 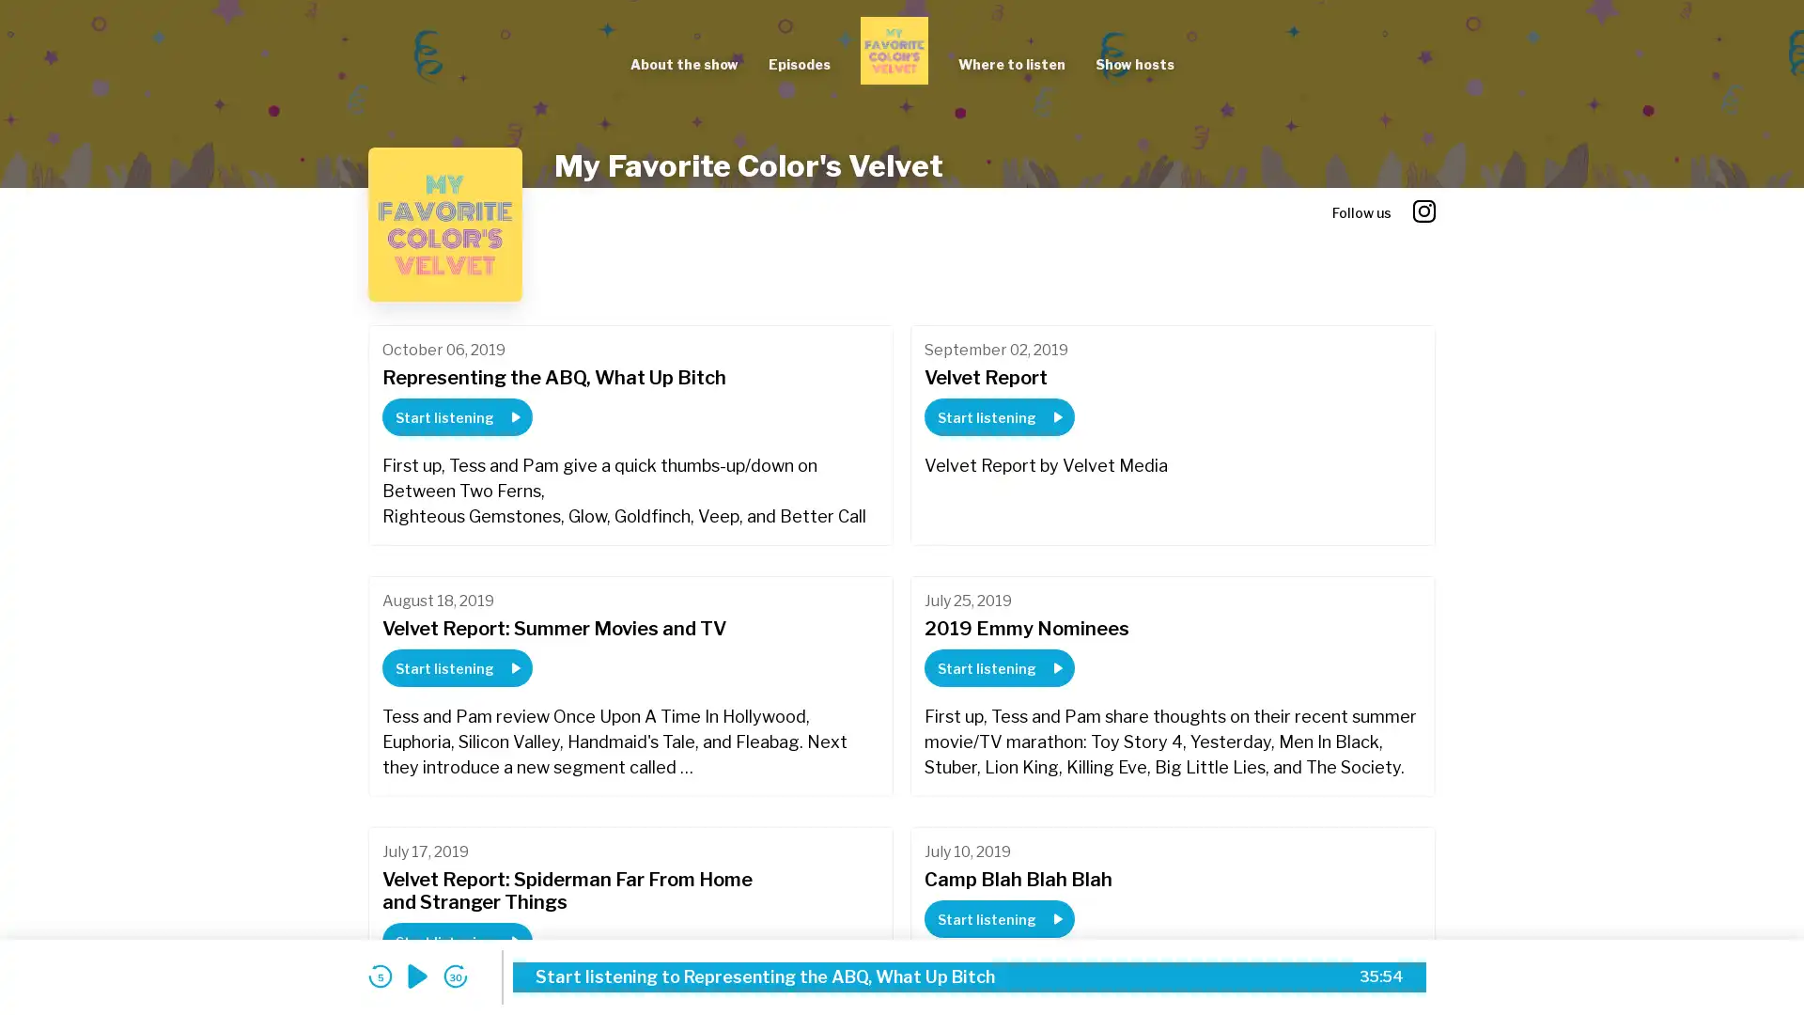 What do you see at coordinates (379, 976) in the screenshot?
I see `skip back 5 seconds` at bounding box center [379, 976].